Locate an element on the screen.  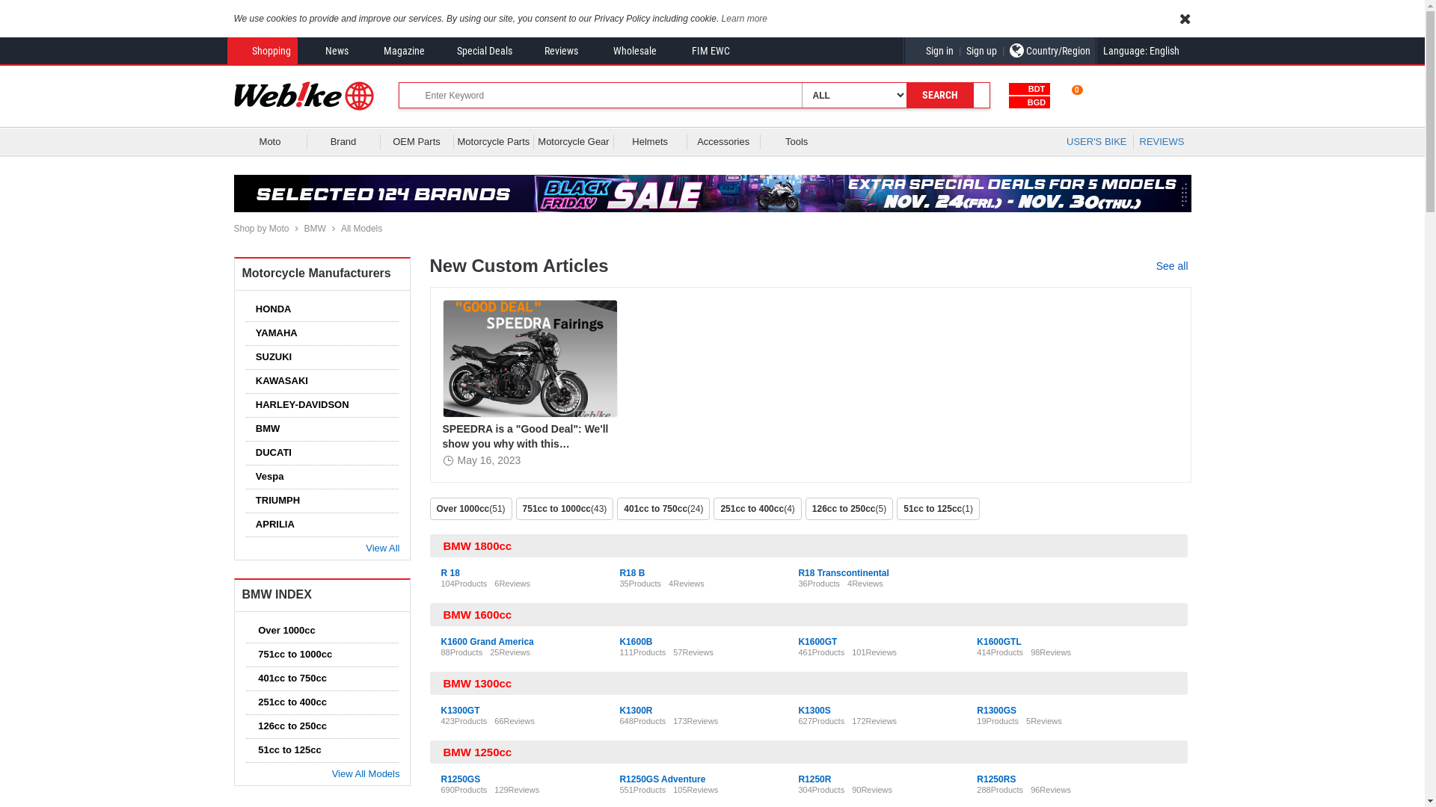
'R1250GS' is located at coordinates (460, 778).